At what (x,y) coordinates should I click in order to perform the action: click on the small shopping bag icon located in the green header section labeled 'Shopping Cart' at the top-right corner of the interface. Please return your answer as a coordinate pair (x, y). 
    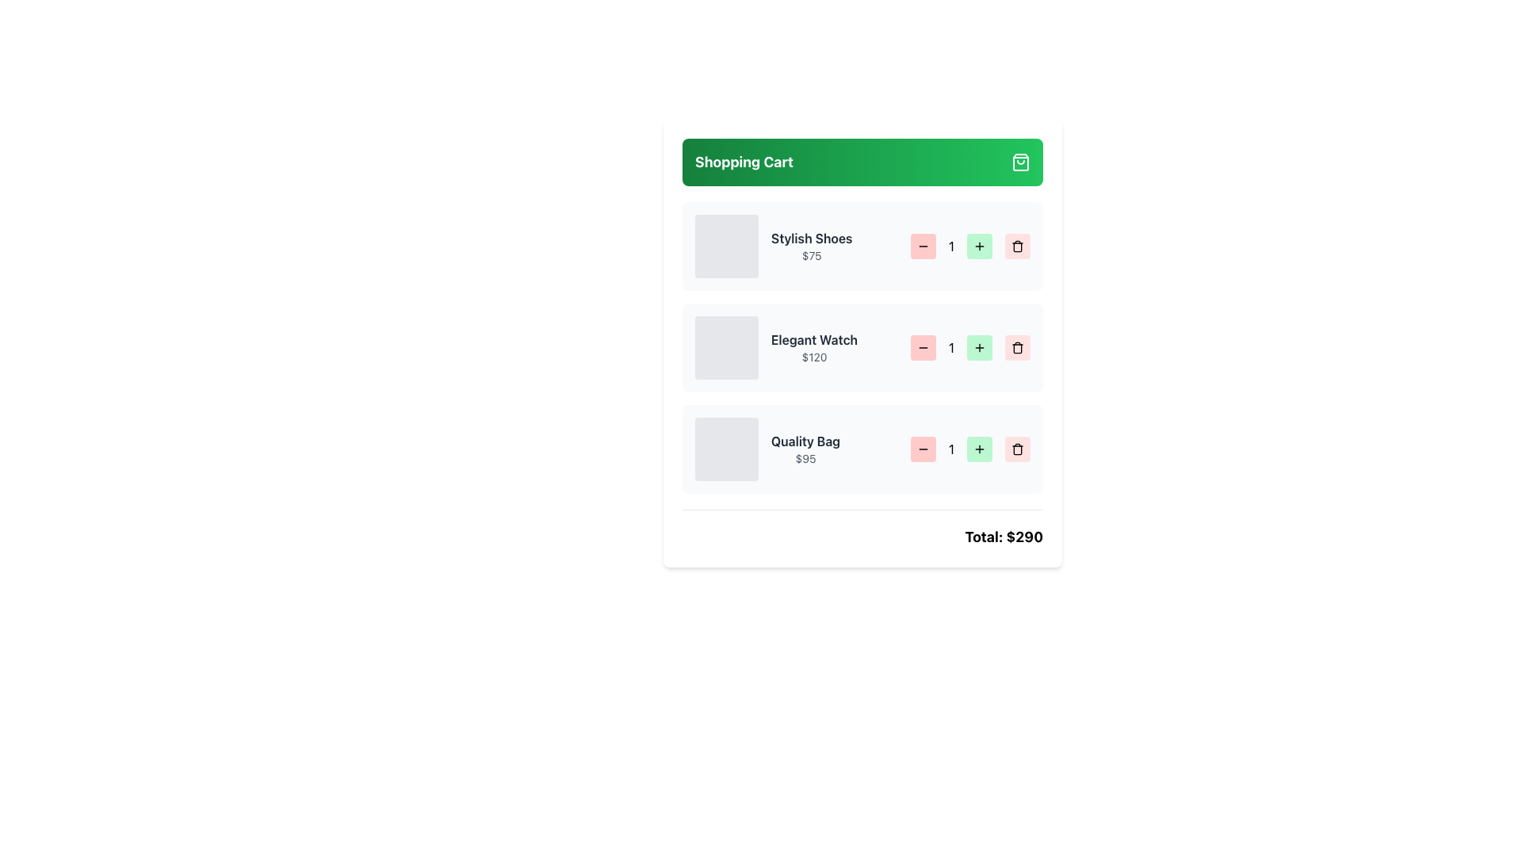
    Looking at the image, I should click on (1020, 162).